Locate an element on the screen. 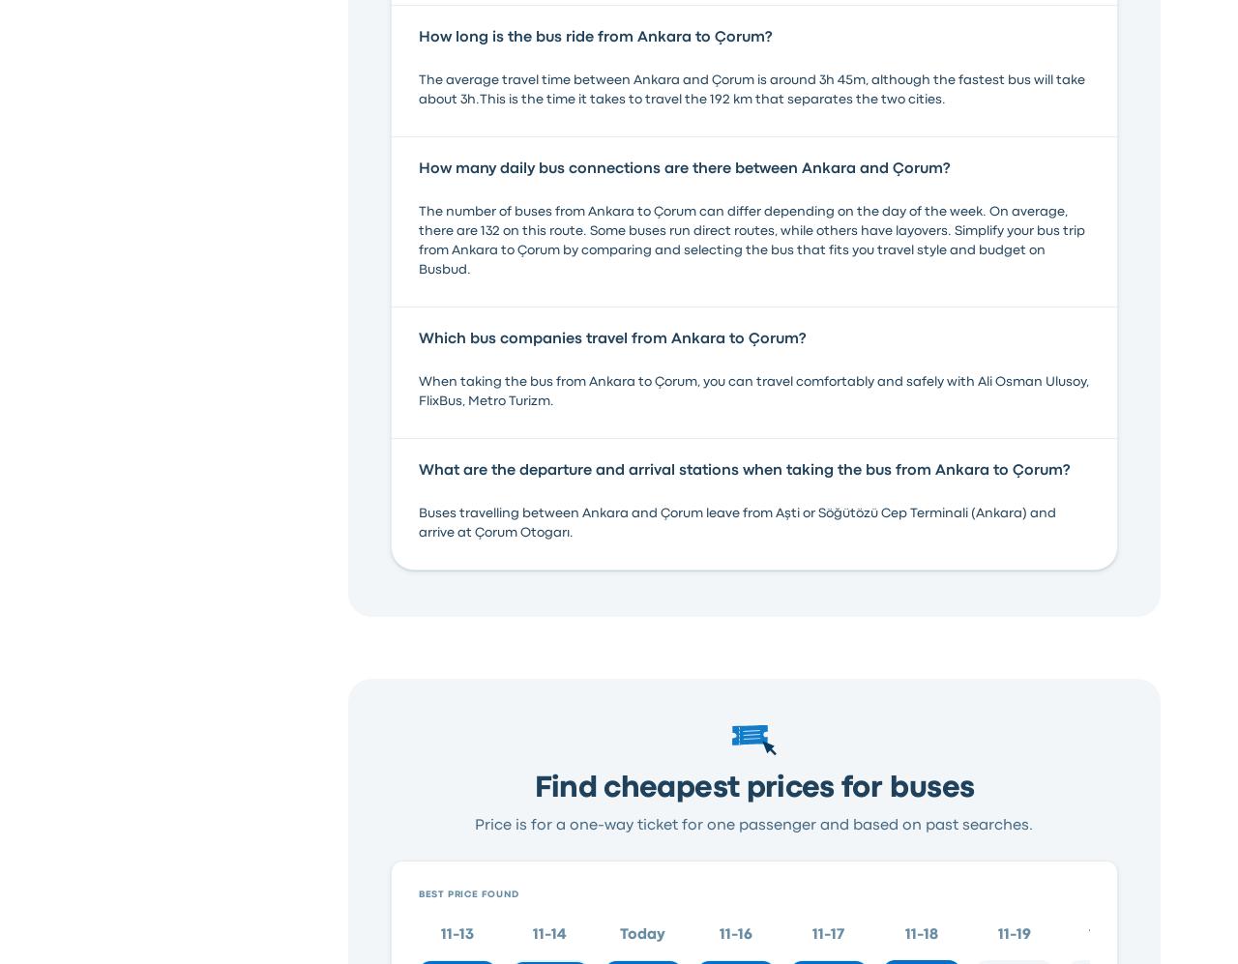 The width and height of the screenshot is (1238, 964). 'When taking the bus from Ankara to Çorum, you can travel comfortably and safely with Ali Osman Ulusoy, FlixBus, Metro Turizm.' is located at coordinates (752, 390).